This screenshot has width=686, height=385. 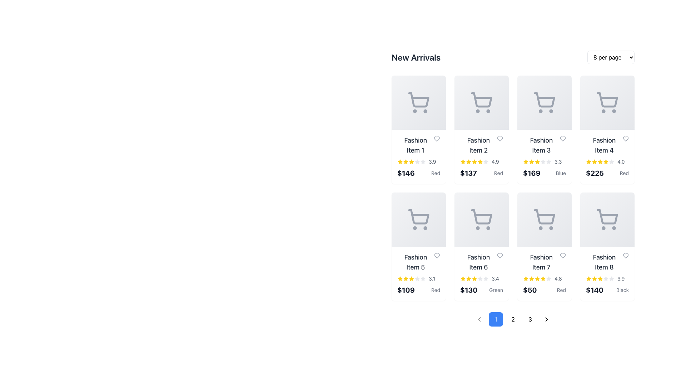 I want to click on the star icon representing the rating system for 'Fashion Item 2', located in the second item of the top row in the product grid, so click(x=463, y=161).